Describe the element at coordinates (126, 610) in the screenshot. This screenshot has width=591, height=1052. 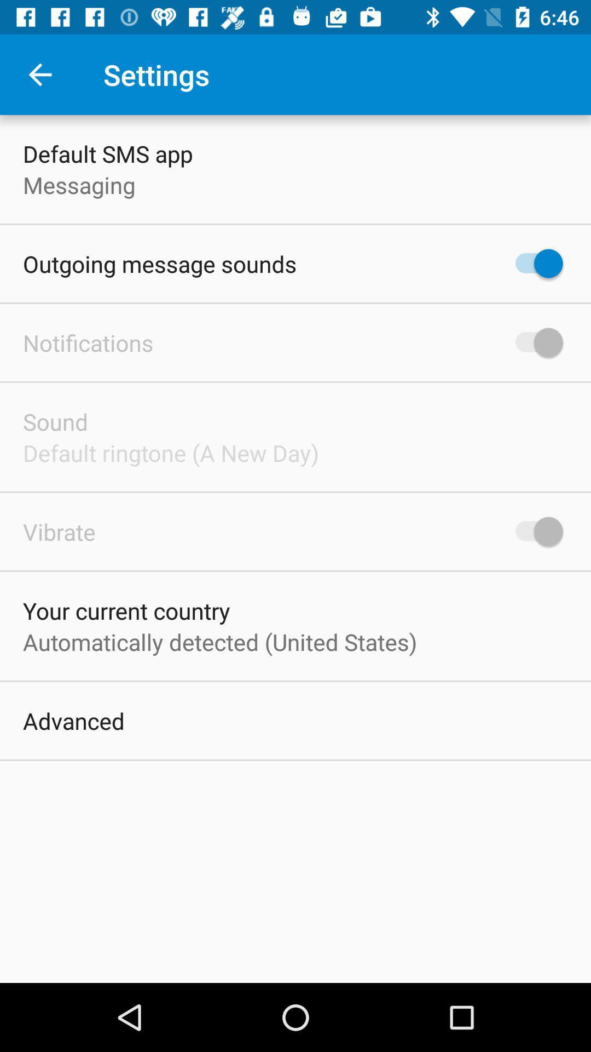
I see `your current country` at that location.